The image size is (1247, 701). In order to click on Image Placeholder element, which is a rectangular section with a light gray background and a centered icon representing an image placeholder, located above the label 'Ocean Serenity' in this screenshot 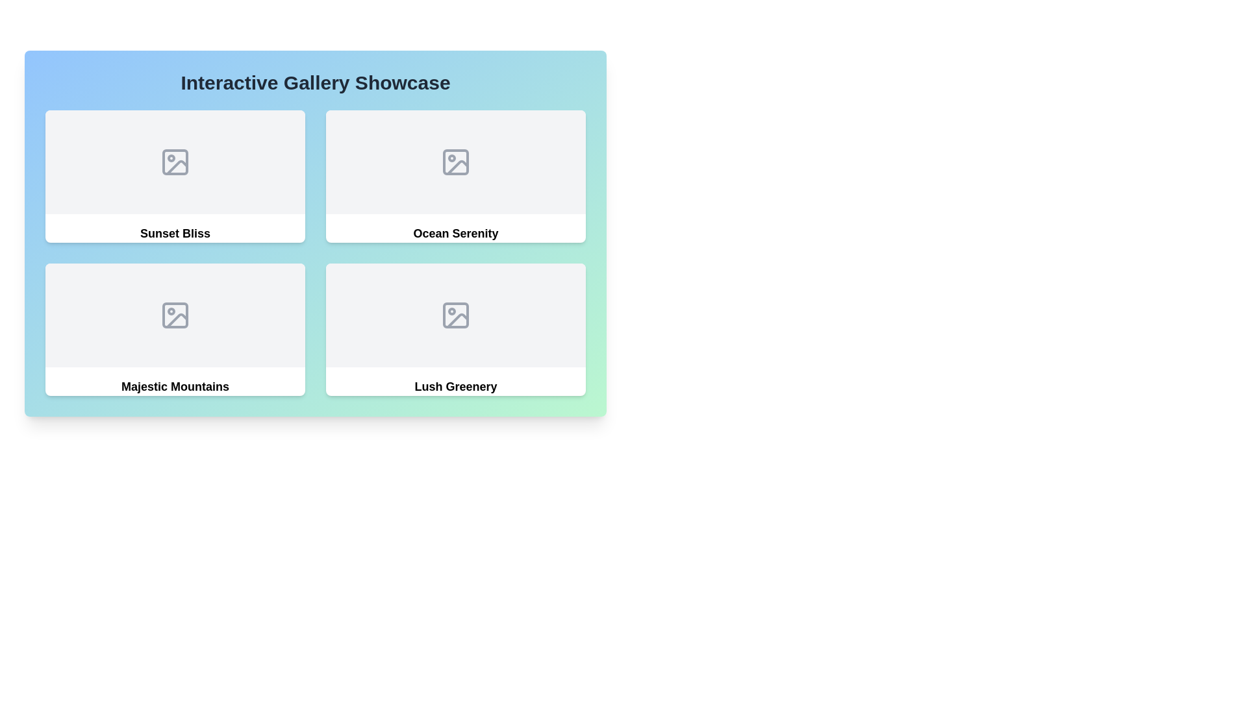, I will do `click(455, 162)`.